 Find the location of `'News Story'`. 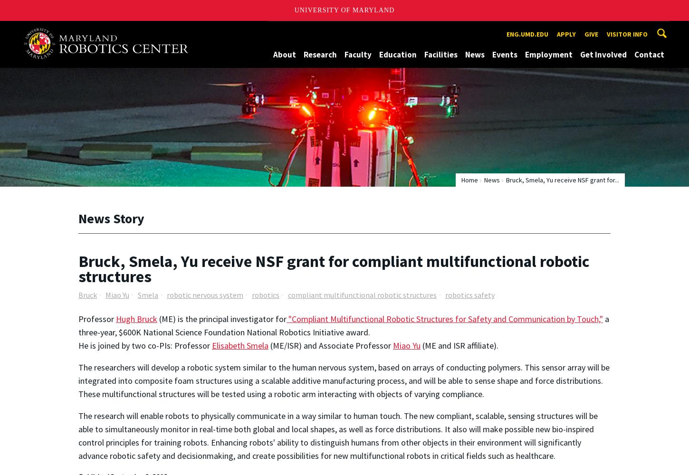

'News Story' is located at coordinates (111, 218).